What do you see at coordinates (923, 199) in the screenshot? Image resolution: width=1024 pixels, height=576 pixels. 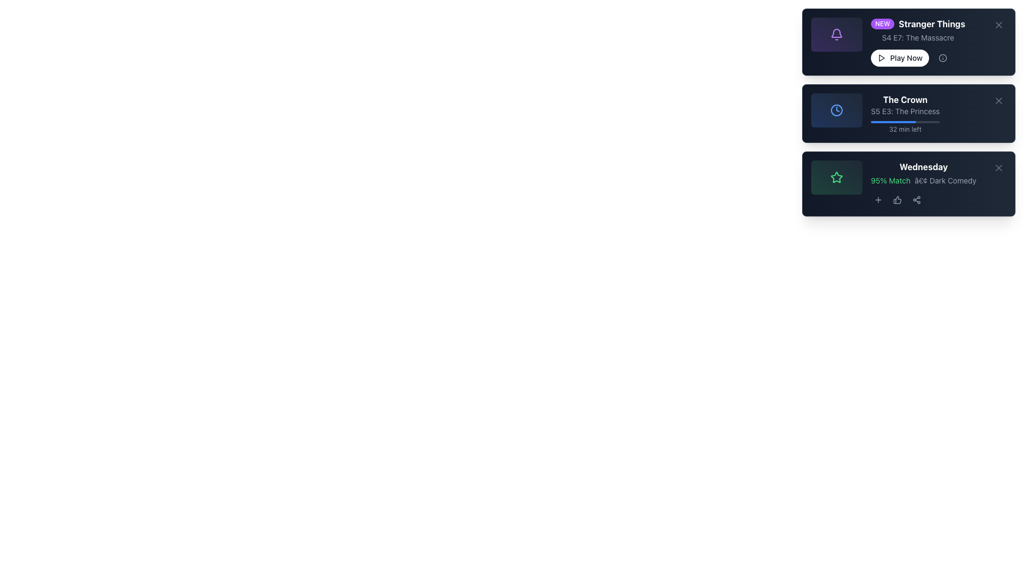 I see `the grouped action buttons for the show 'Wednesday' located in the bottom-right section of the card` at bounding box center [923, 199].